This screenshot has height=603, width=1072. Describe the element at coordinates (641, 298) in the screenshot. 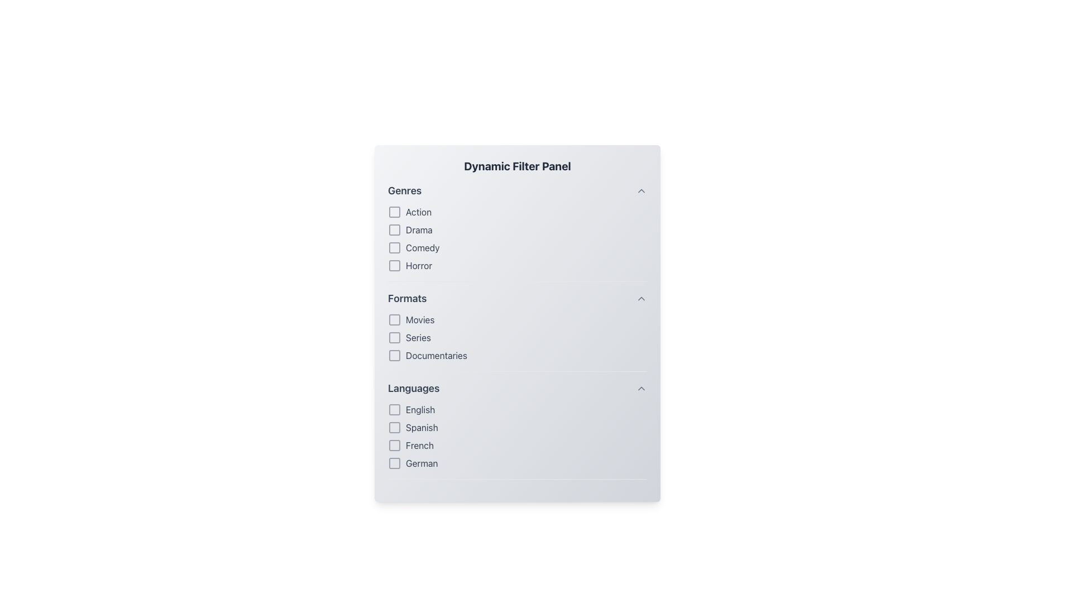

I see `the upward-facing chevron icon located to the far-right within the 'Formats' section header` at that location.